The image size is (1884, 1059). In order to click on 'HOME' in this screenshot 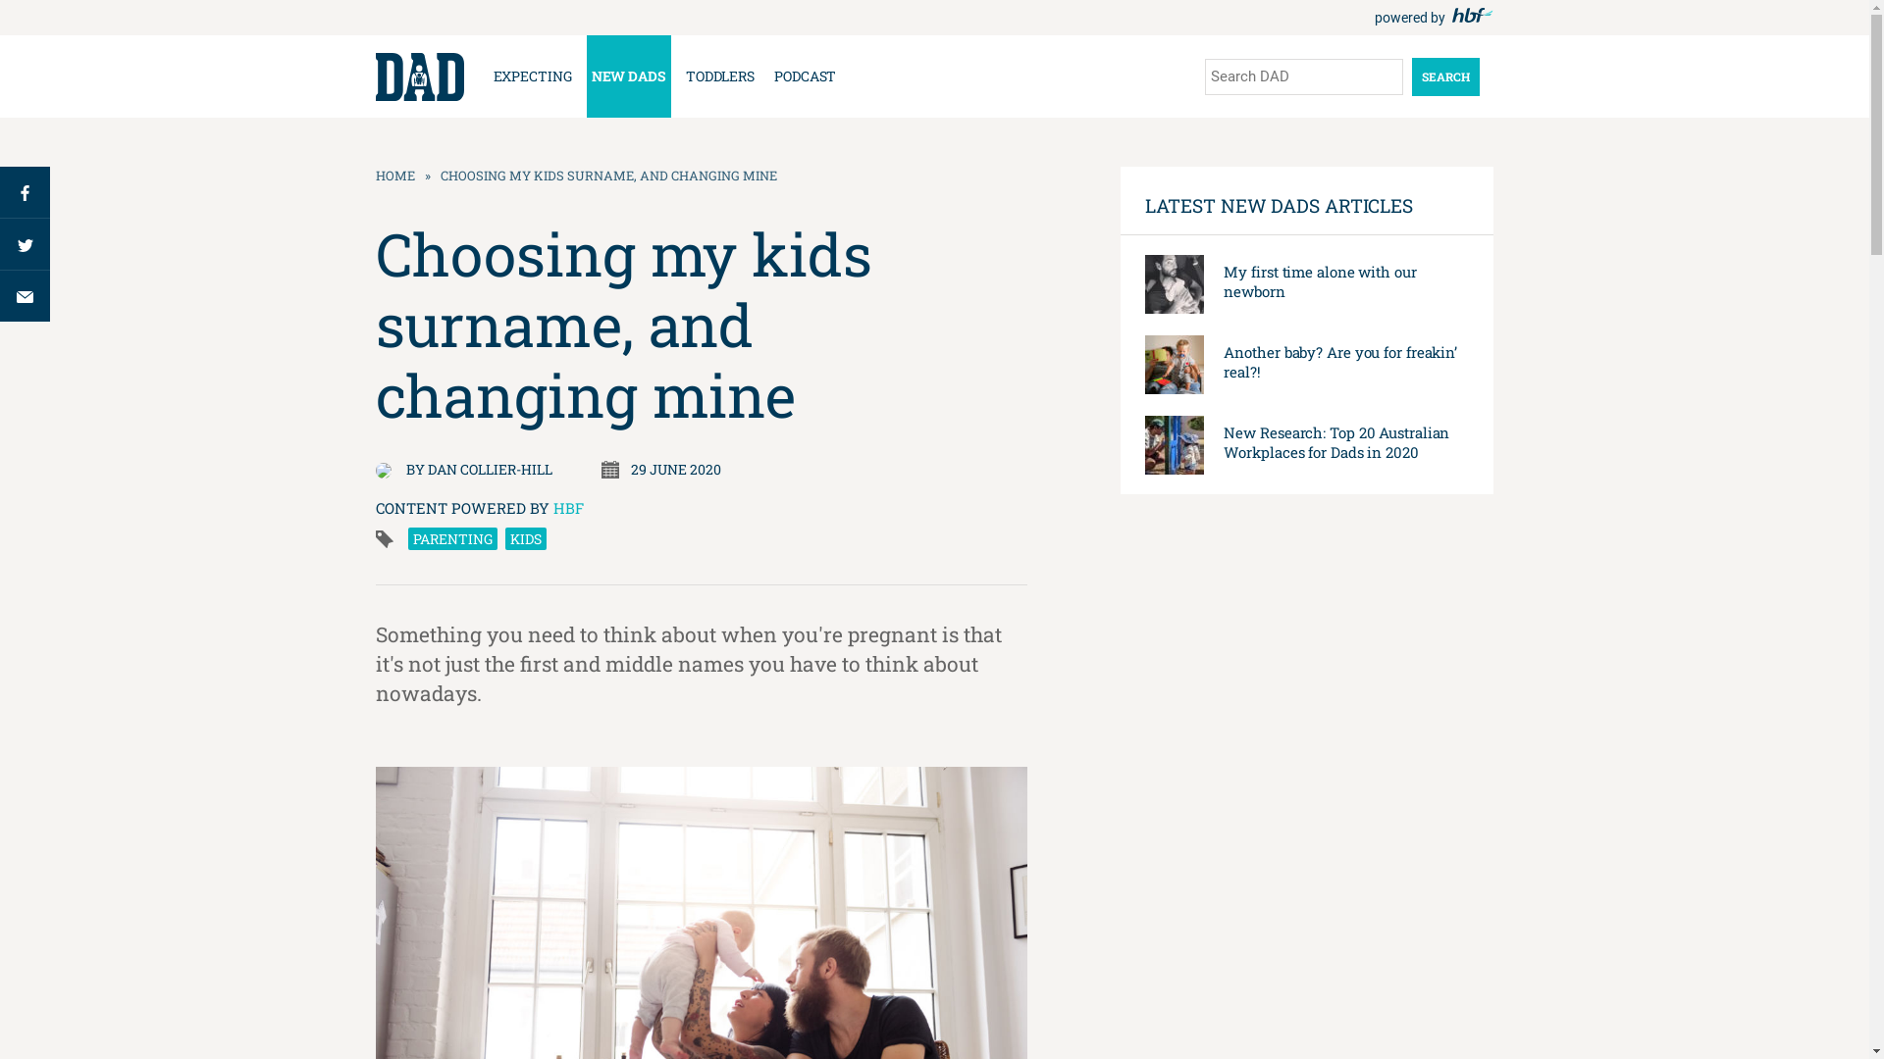, I will do `click(393, 174)`.